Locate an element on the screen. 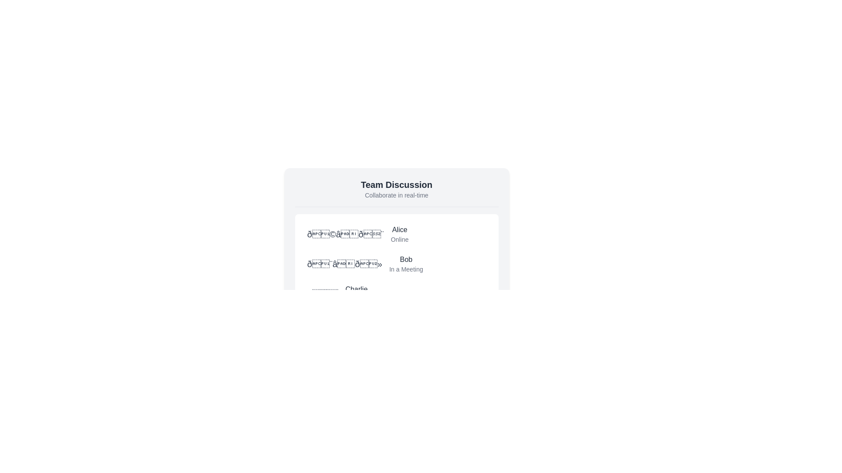 The height and width of the screenshot is (473, 842). the status label indicating that 'Bob' is currently 'In a Meeting', which is located below his name in the vertical list layout is located at coordinates (406, 268).